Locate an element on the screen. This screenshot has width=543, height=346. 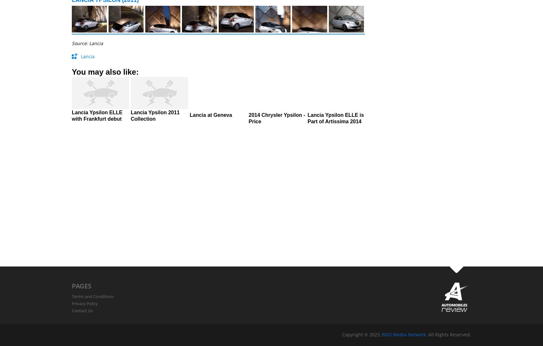
'Lancia at Geneva' is located at coordinates (210, 115).